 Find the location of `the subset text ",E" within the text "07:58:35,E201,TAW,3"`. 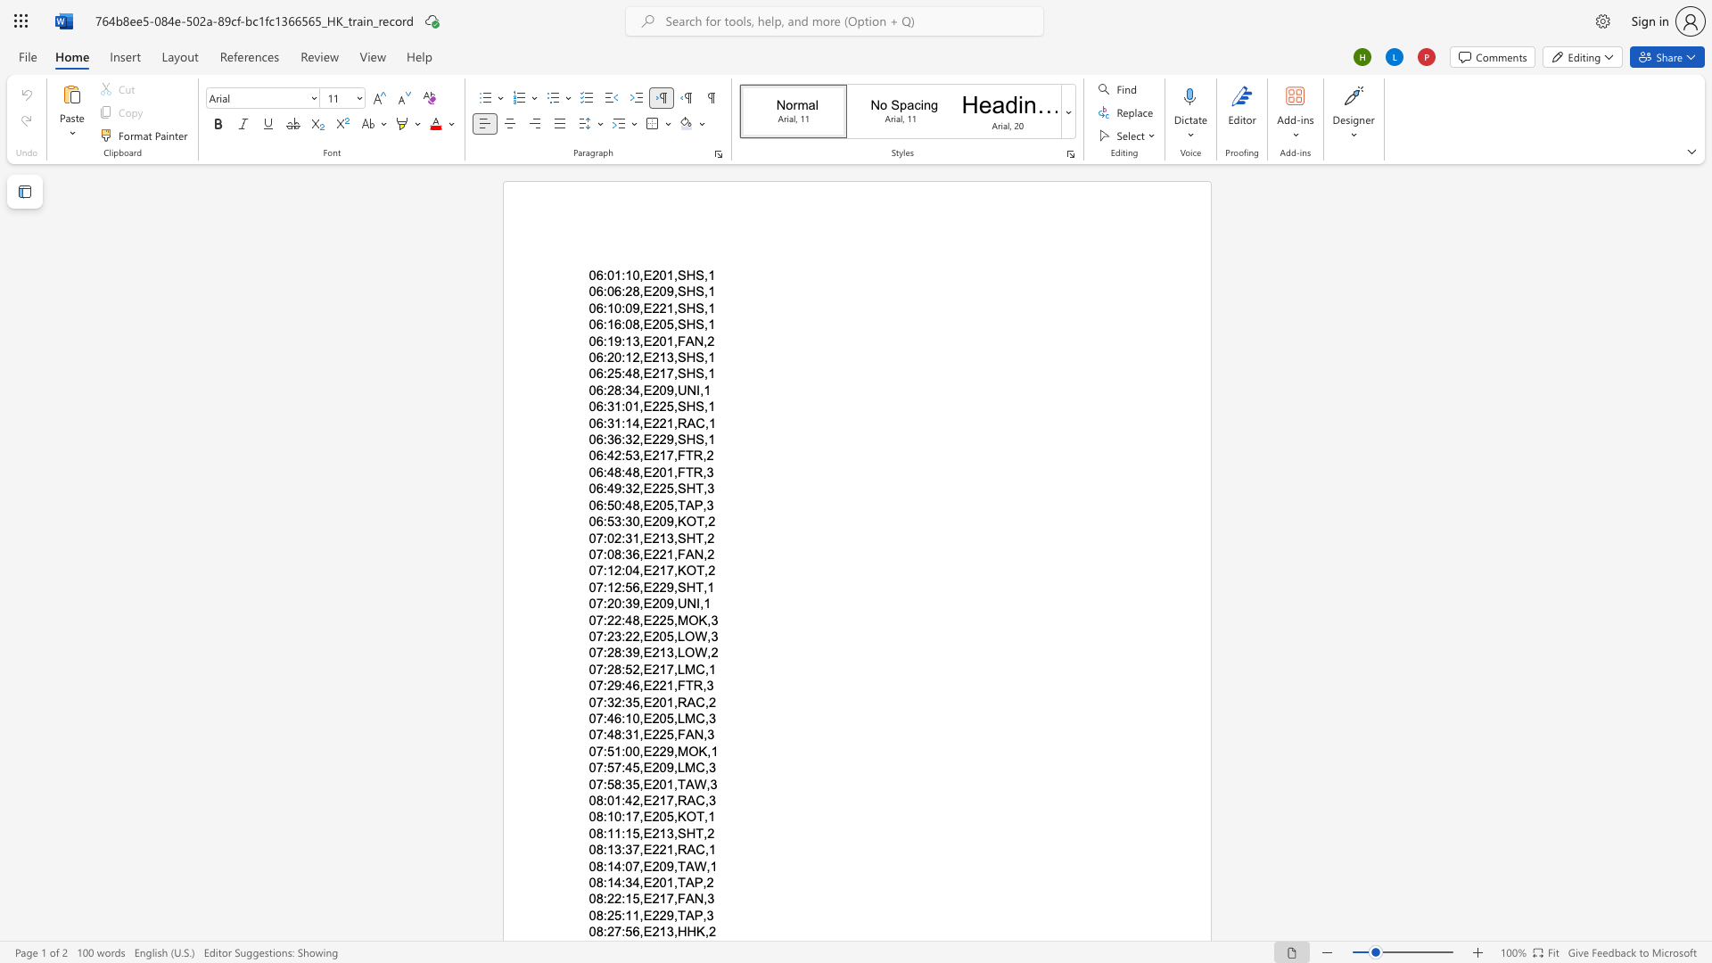

the subset text ",E" within the text "07:58:35,E201,TAW,3" is located at coordinates (639, 783).